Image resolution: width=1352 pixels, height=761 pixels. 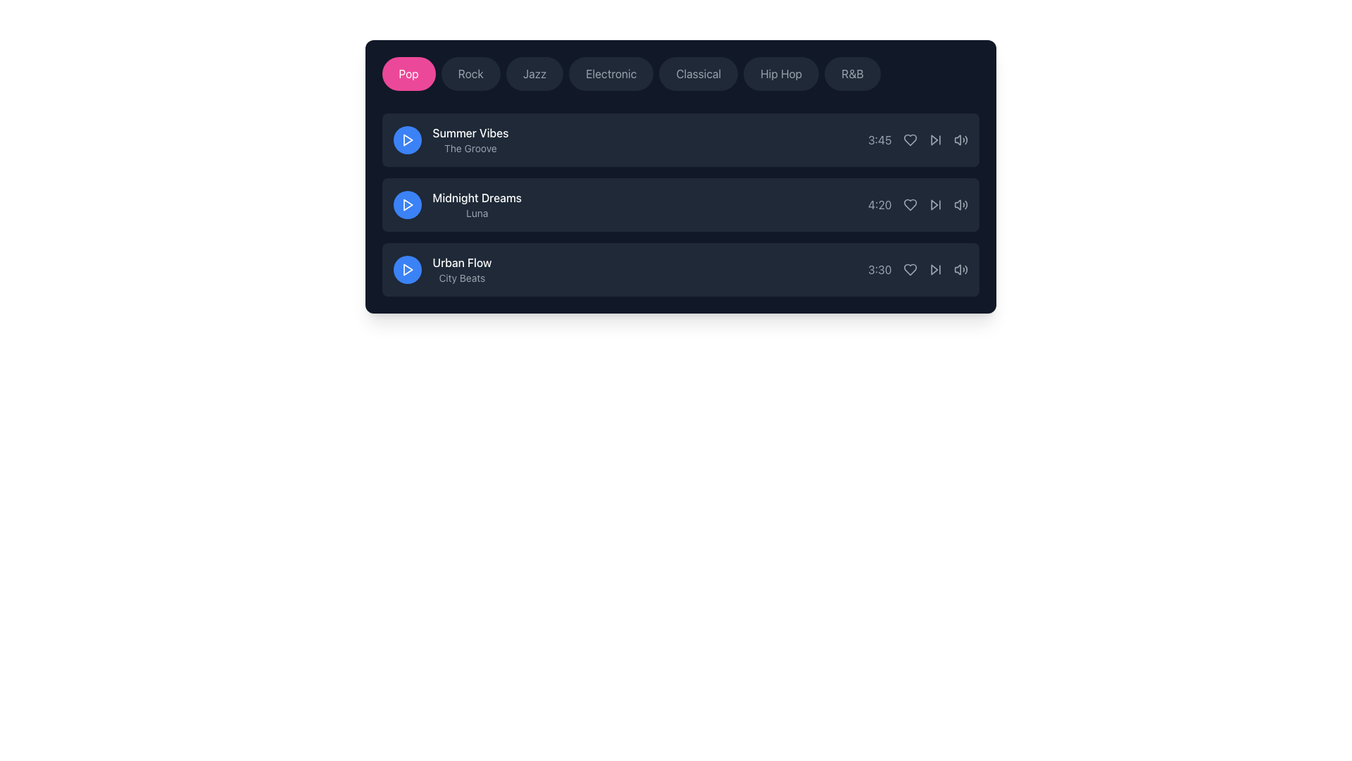 What do you see at coordinates (879, 140) in the screenshot?
I see `the text label displaying the duration '3:45' in light gray color, located to the right of the 'Summer Vibes' text entry` at bounding box center [879, 140].